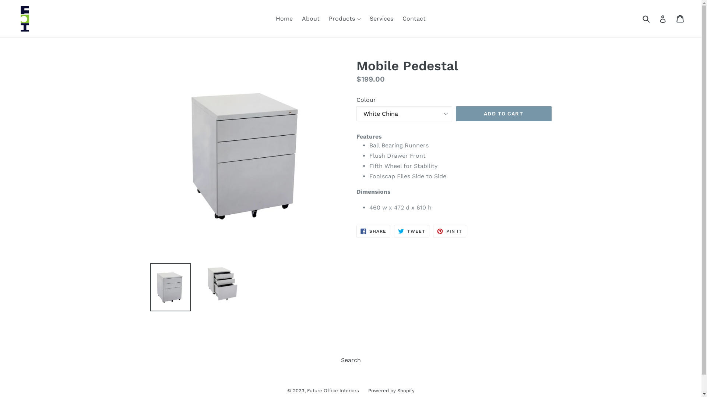  What do you see at coordinates (663, 18) in the screenshot?
I see `'Log in'` at bounding box center [663, 18].